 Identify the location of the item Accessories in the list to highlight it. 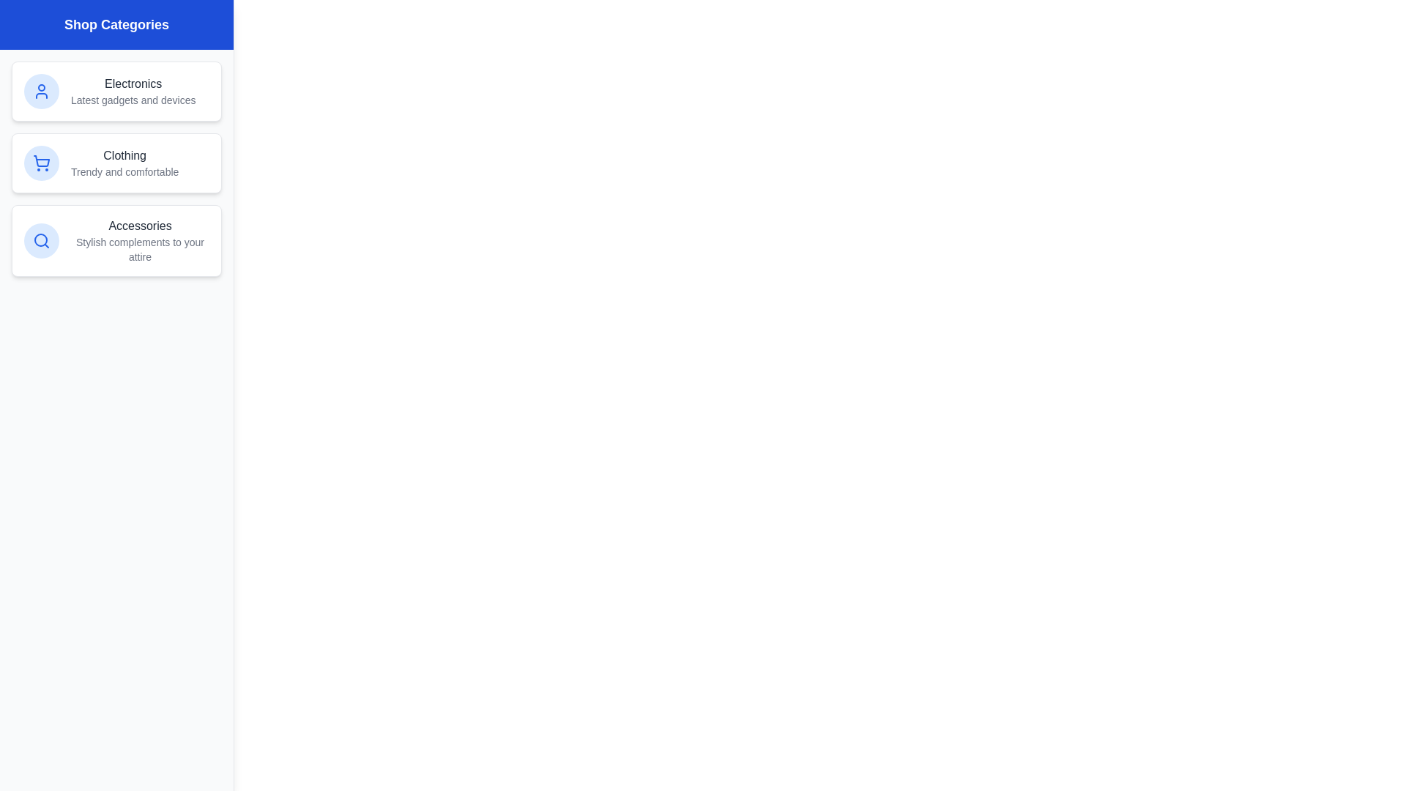
(116, 239).